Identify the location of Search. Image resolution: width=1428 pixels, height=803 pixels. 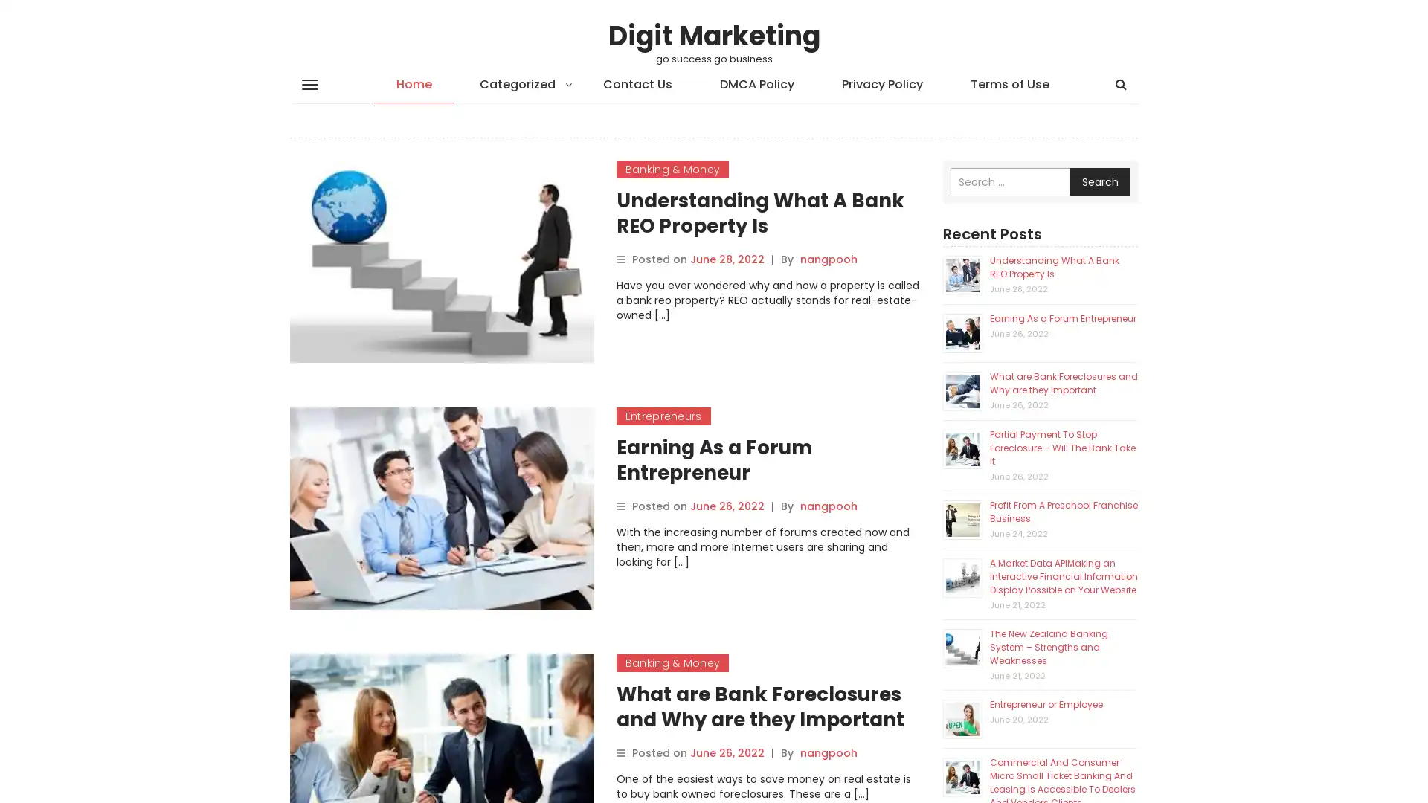
(1100, 181).